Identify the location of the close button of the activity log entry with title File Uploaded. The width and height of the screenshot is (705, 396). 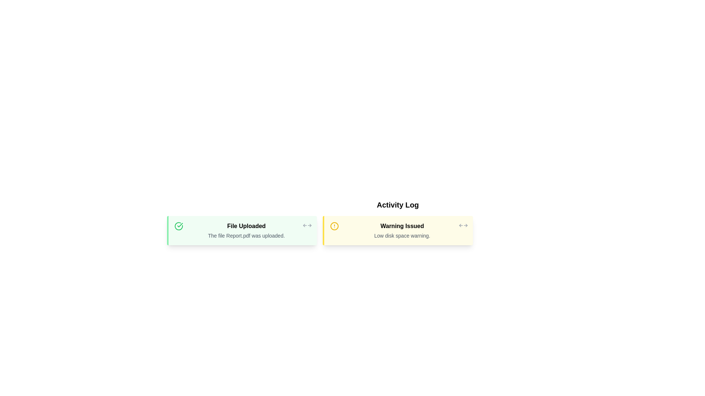
(307, 225).